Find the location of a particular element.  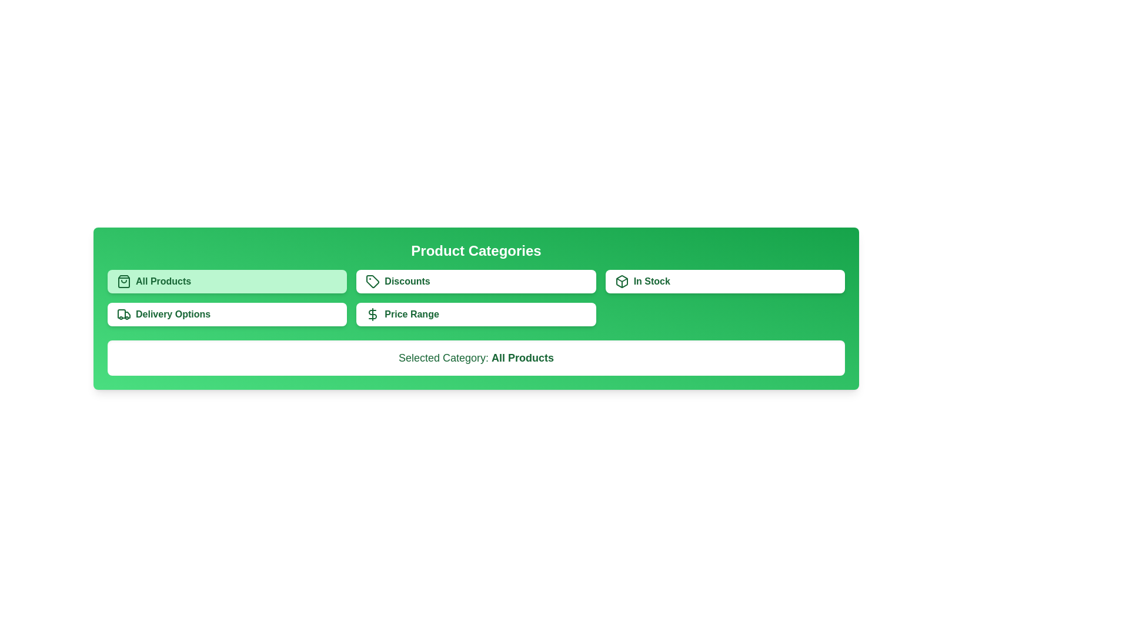

the truck icon within the 'Delivery Options' button is located at coordinates (124, 314).